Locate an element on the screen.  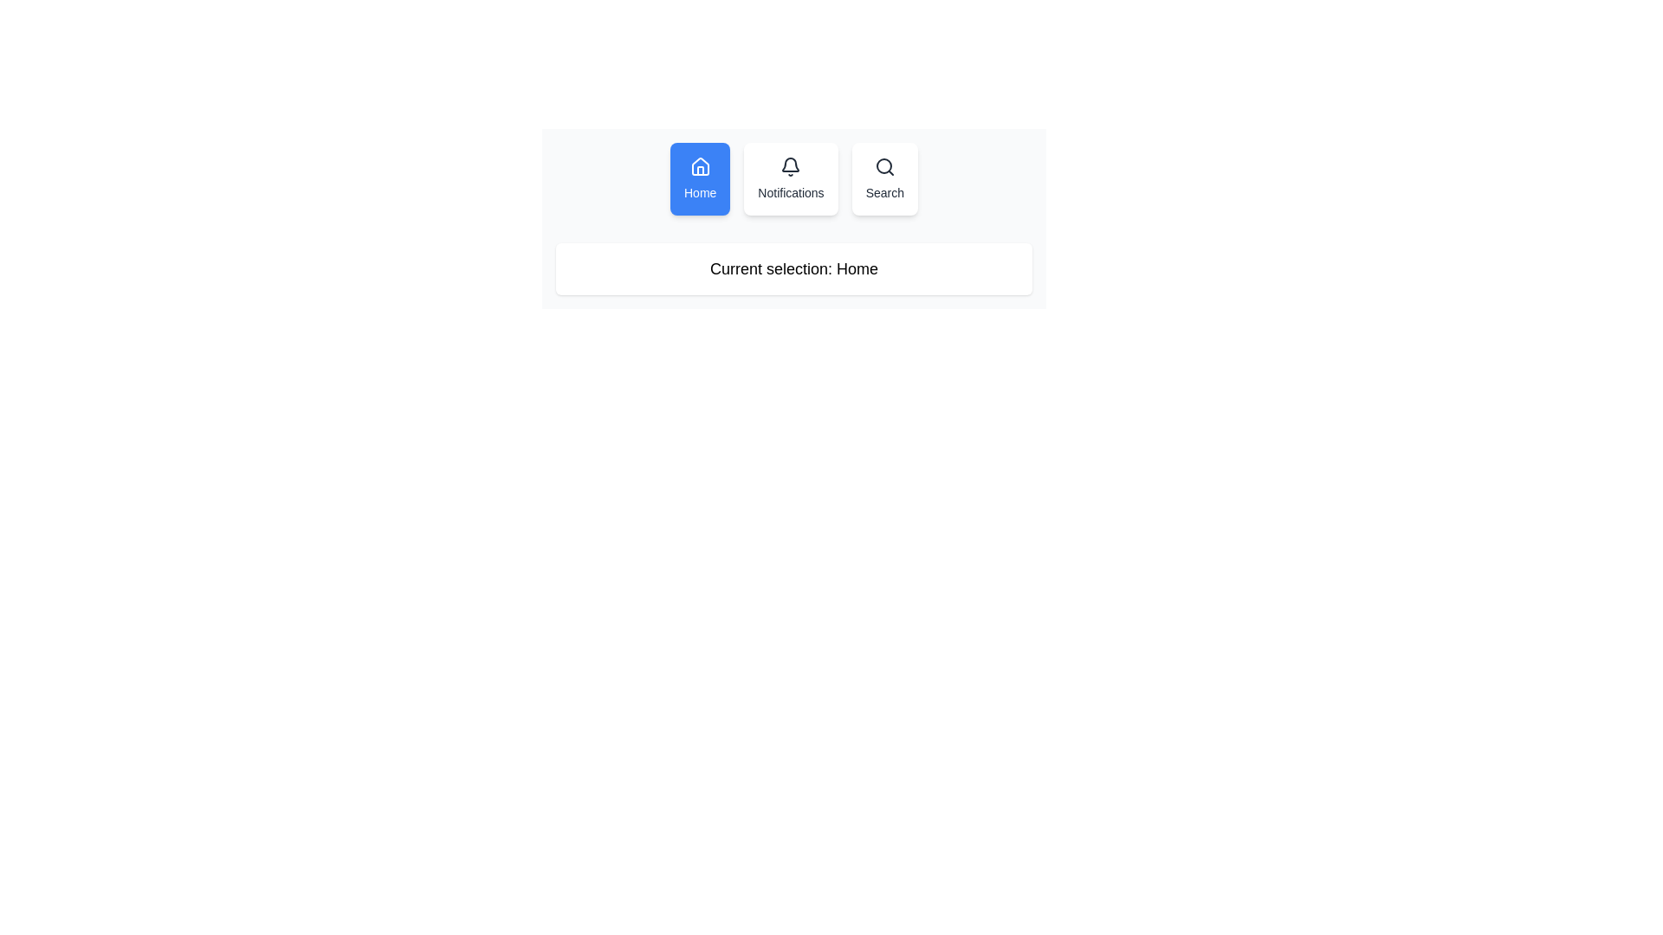
the search button located to the right of the 'Home' and 'Notifications' buttons is located at coordinates (884, 179).